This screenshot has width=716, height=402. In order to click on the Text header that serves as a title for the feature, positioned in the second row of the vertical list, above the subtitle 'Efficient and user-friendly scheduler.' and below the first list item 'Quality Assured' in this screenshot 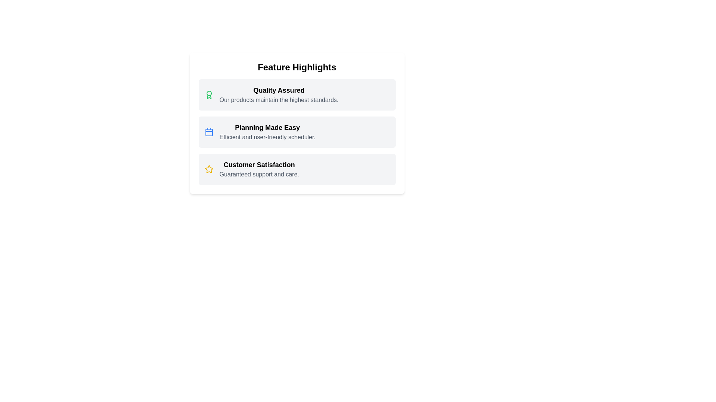, I will do `click(267, 127)`.